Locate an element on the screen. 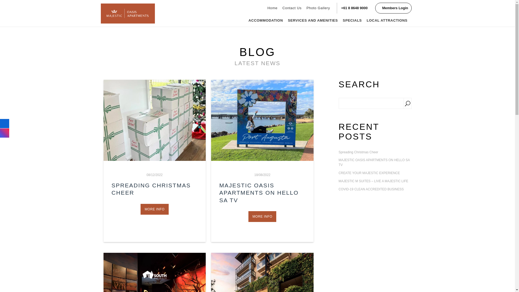 Image resolution: width=519 pixels, height=292 pixels. 'SPECIALS' is located at coordinates (352, 20).